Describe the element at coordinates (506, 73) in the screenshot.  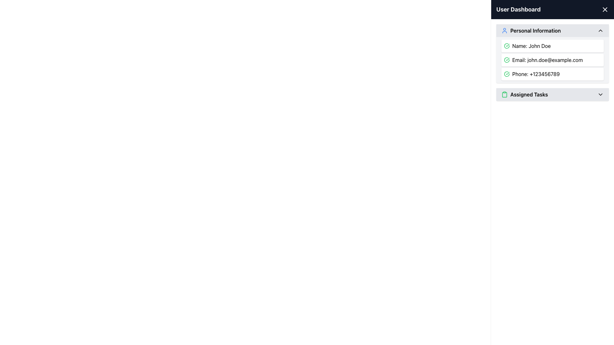
I see `the visual state of the circular green outlined icon with a checkmark, located next to the text 'Phone: +123456789'` at that location.